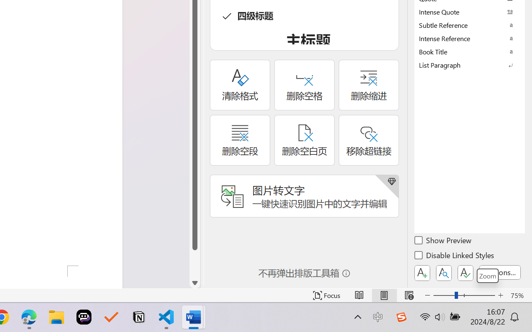 The width and height of the screenshot is (532, 332). What do you see at coordinates (326, 295) in the screenshot?
I see `'Focus '` at bounding box center [326, 295].